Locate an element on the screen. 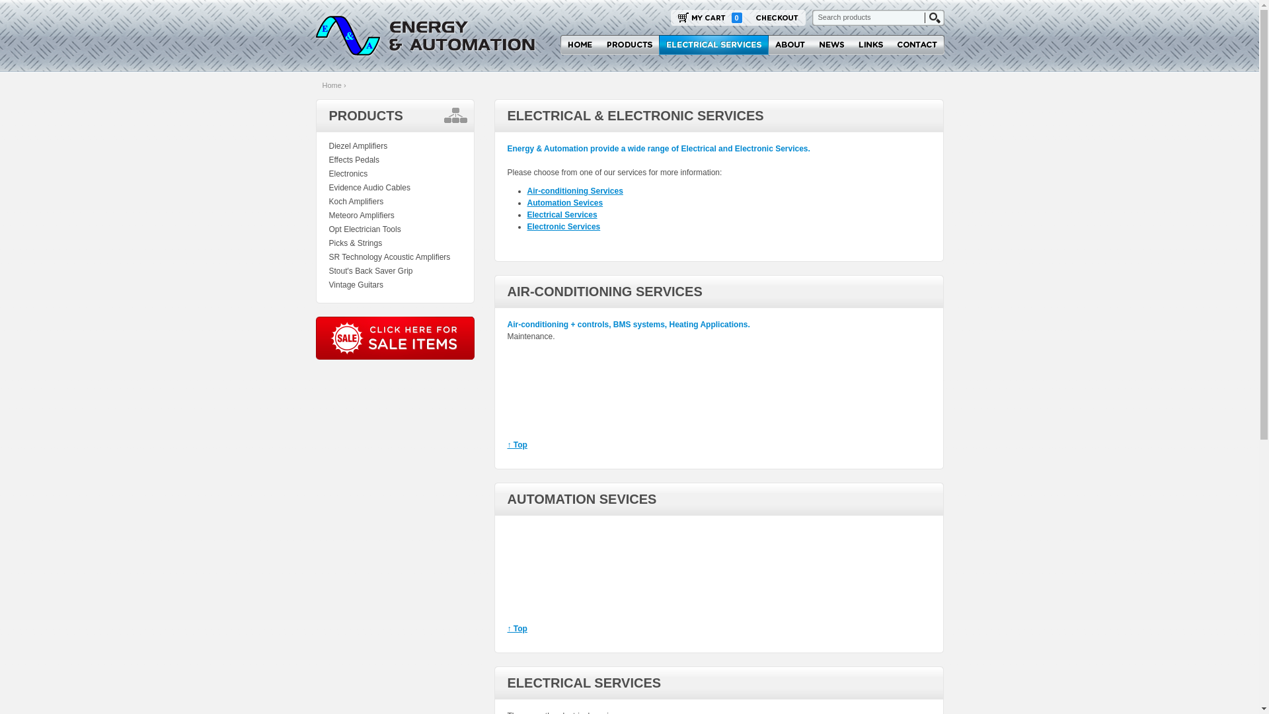 The height and width of the screenshot is (714, 1269). 'Home' is located at coordinates (332, 85).